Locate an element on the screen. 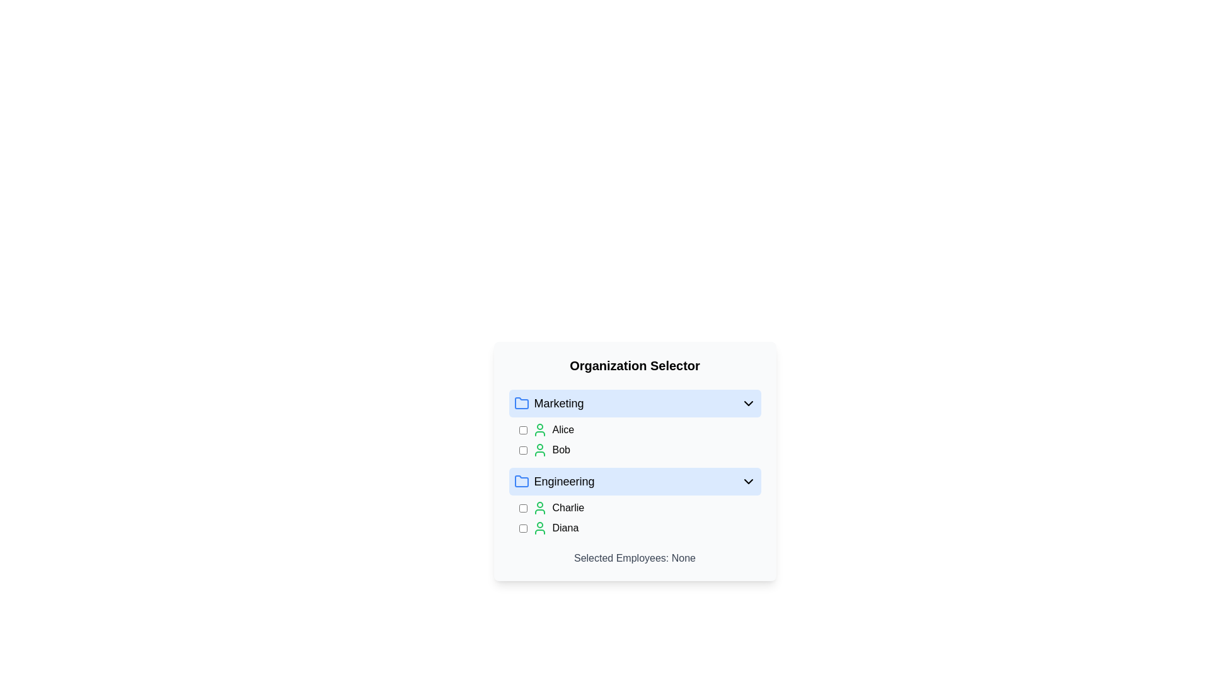 This screenshot has height=680, width=1210. the Dropdown toggle button located in the 'Marketing' section is located at coordinates (748, 403).